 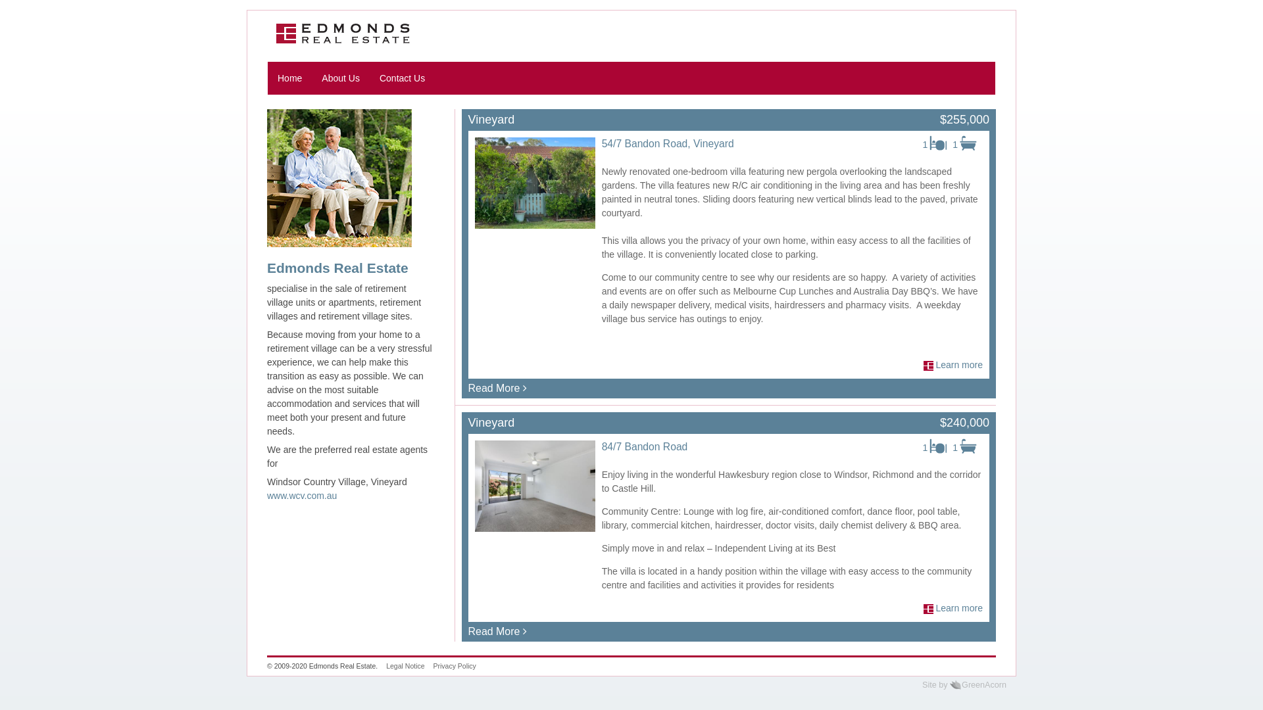 What do you see at coordinates (289, 78) in the screenshot?
I see `'Home'` at bounding box center [289, 78].